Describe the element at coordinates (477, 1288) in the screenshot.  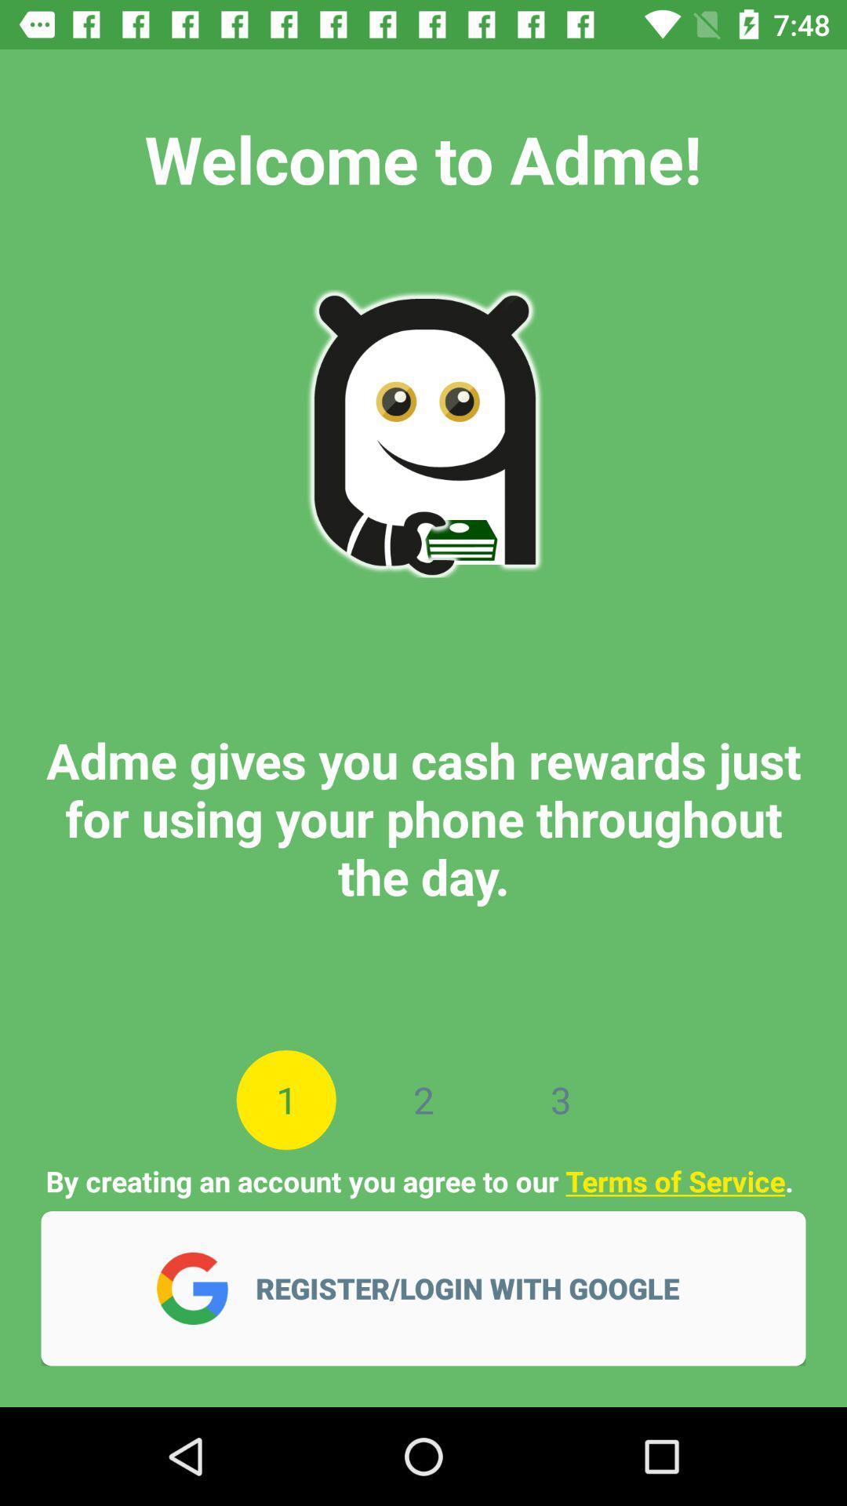
I see `the register login with` at that location.